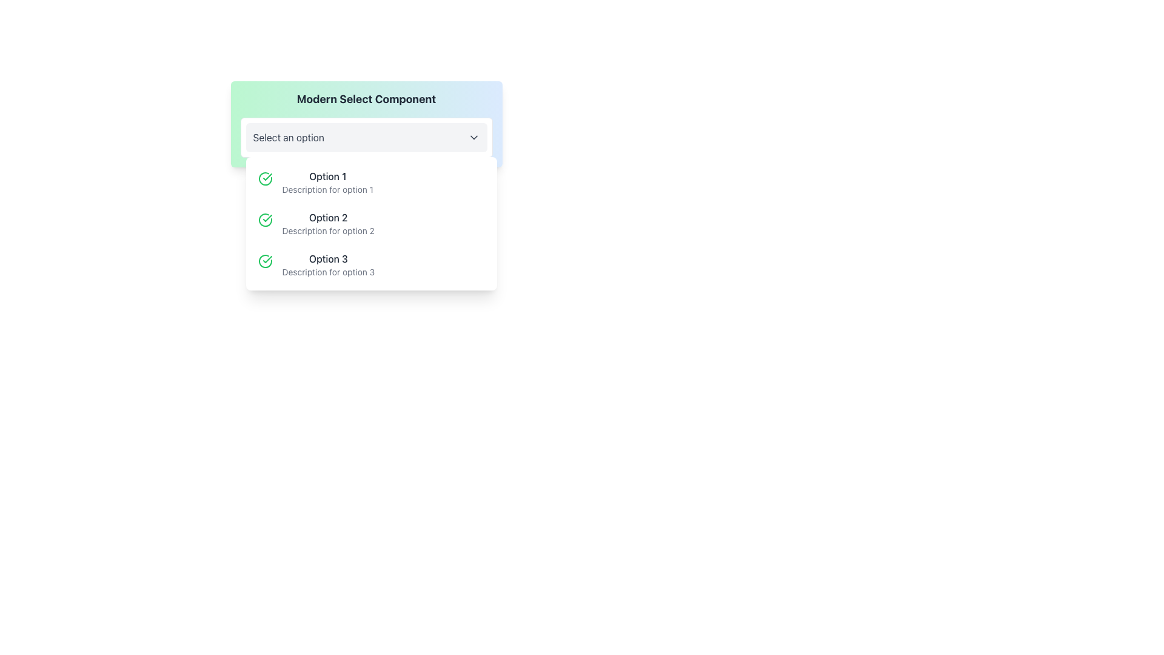 The width and height of the screenshot is (1164, 655). What do you see at coordinates (366, 137) in the screenshot?
I see `the dropdown menu located directly below the 'Modern Select Component' label to indicate active selection` at bounding box center [366, 137].